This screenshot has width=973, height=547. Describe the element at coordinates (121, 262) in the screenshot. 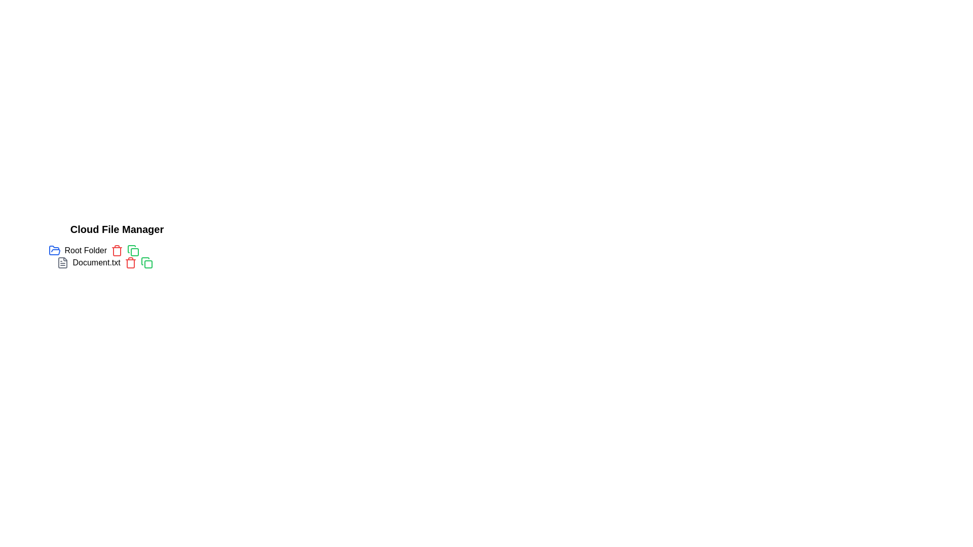

I see `the file item labeled 'Document.txt'` at that location.